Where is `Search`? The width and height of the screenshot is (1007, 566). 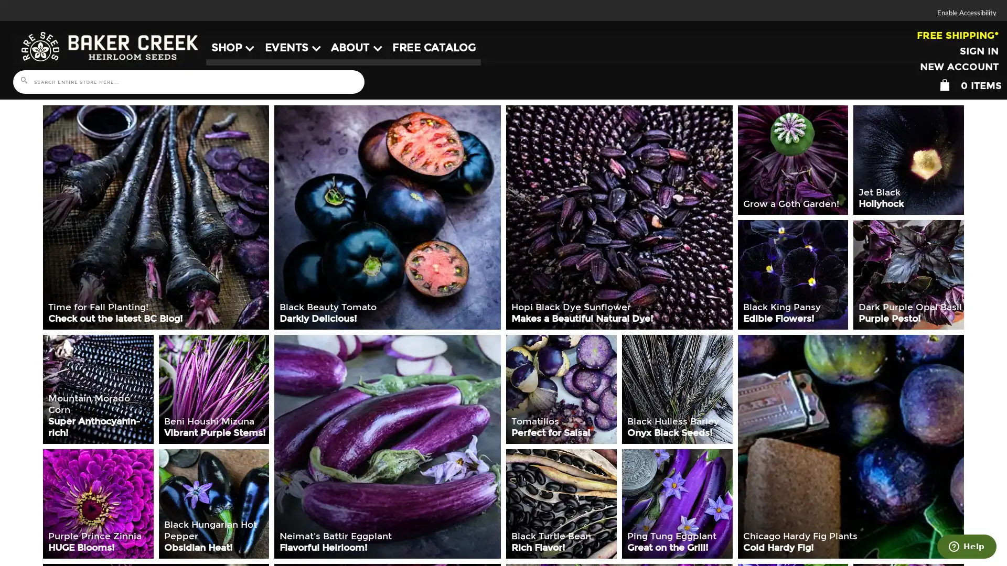
Search is located at coordinates (23, 80).